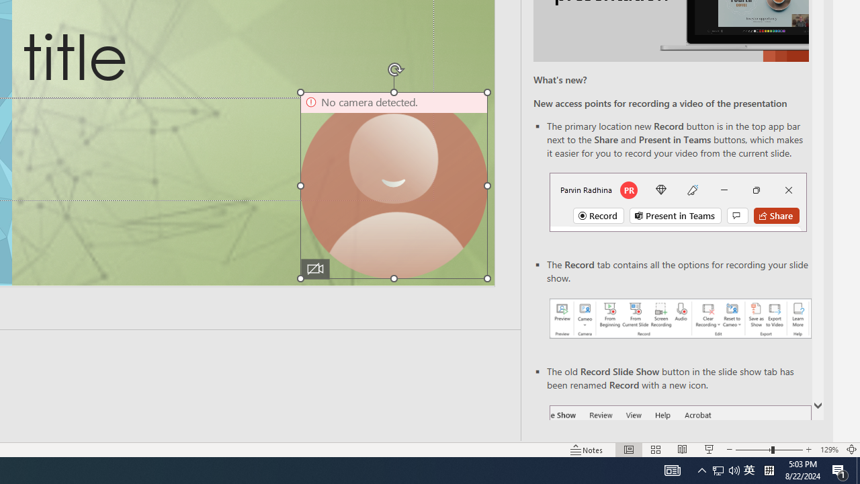 Image resolution: width=860 pixels, height=484 pixels. What do you see at coordinates (753, 450) in the screenshot?
I see `'Zoom Out'` at bounding box center [753, 450].